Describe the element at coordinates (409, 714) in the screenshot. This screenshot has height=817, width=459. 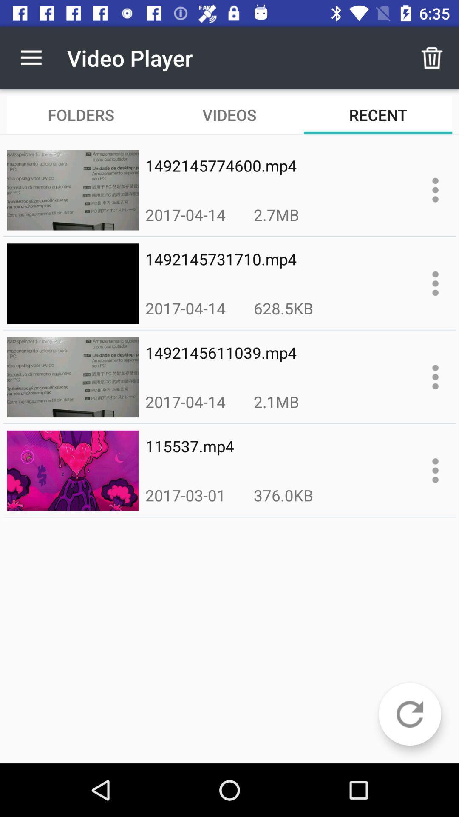
I see `the icon at the bottom right corner` at that location.